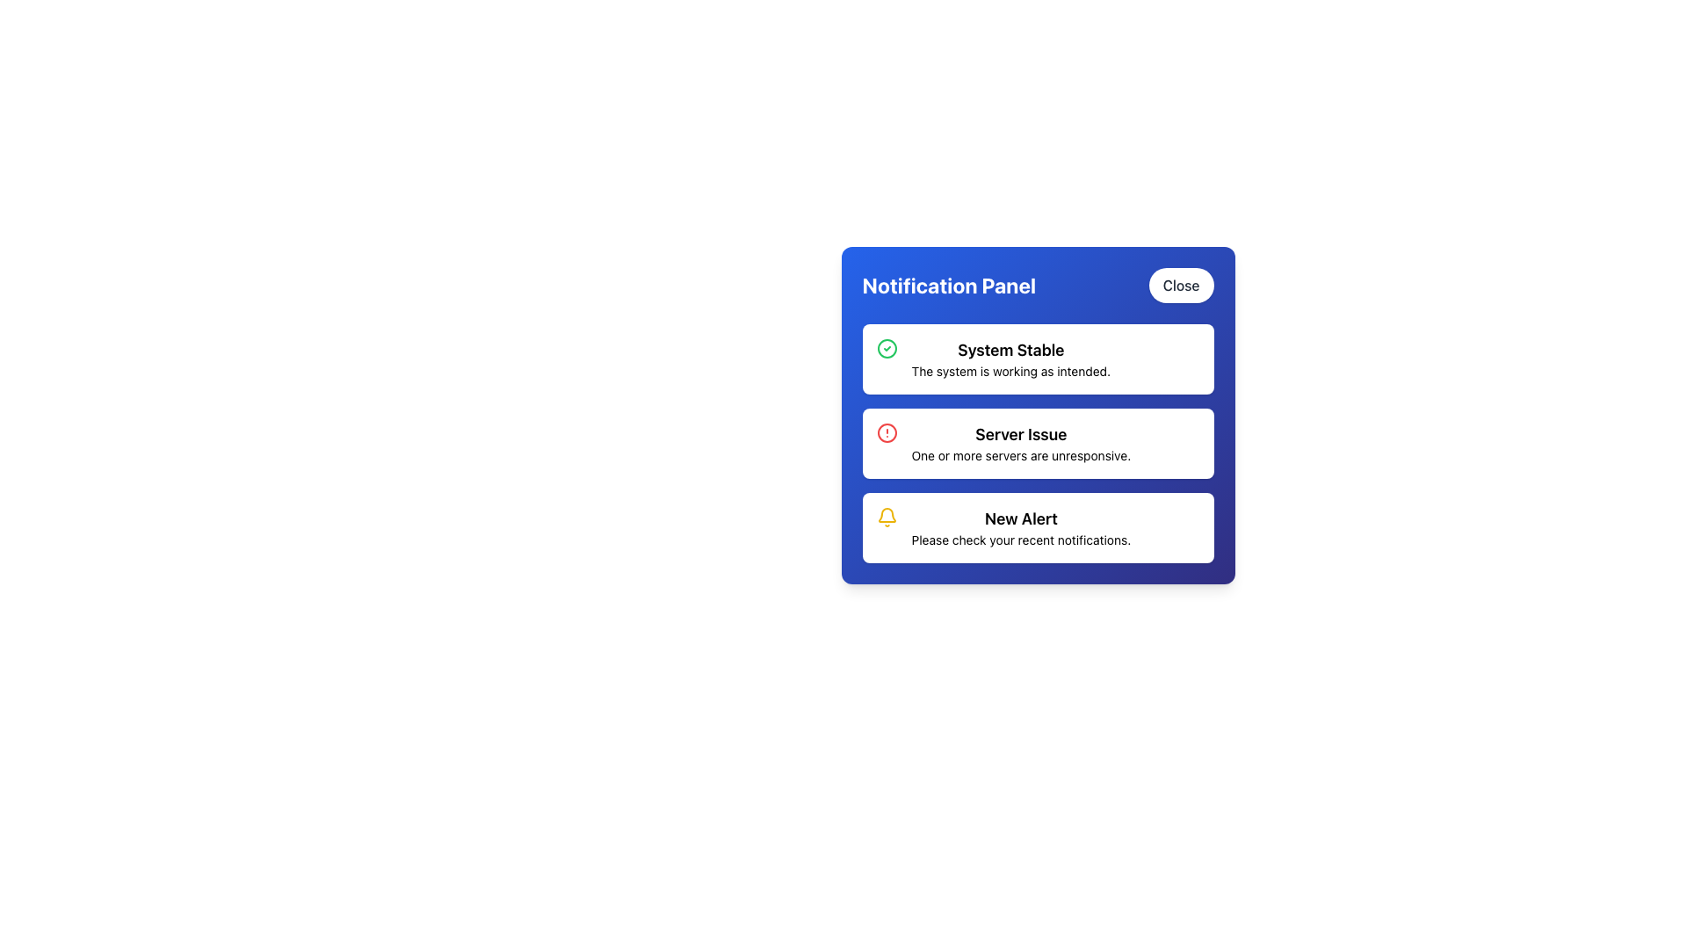 The width and height of the screenshot is (1687, 949). I want to click on the 'New Alert' text label displayed in bold at the bottom of the Notification Panel, which is located above a smaller descriptive text and to the right of a yellow bell icon, so click(1021, 518).